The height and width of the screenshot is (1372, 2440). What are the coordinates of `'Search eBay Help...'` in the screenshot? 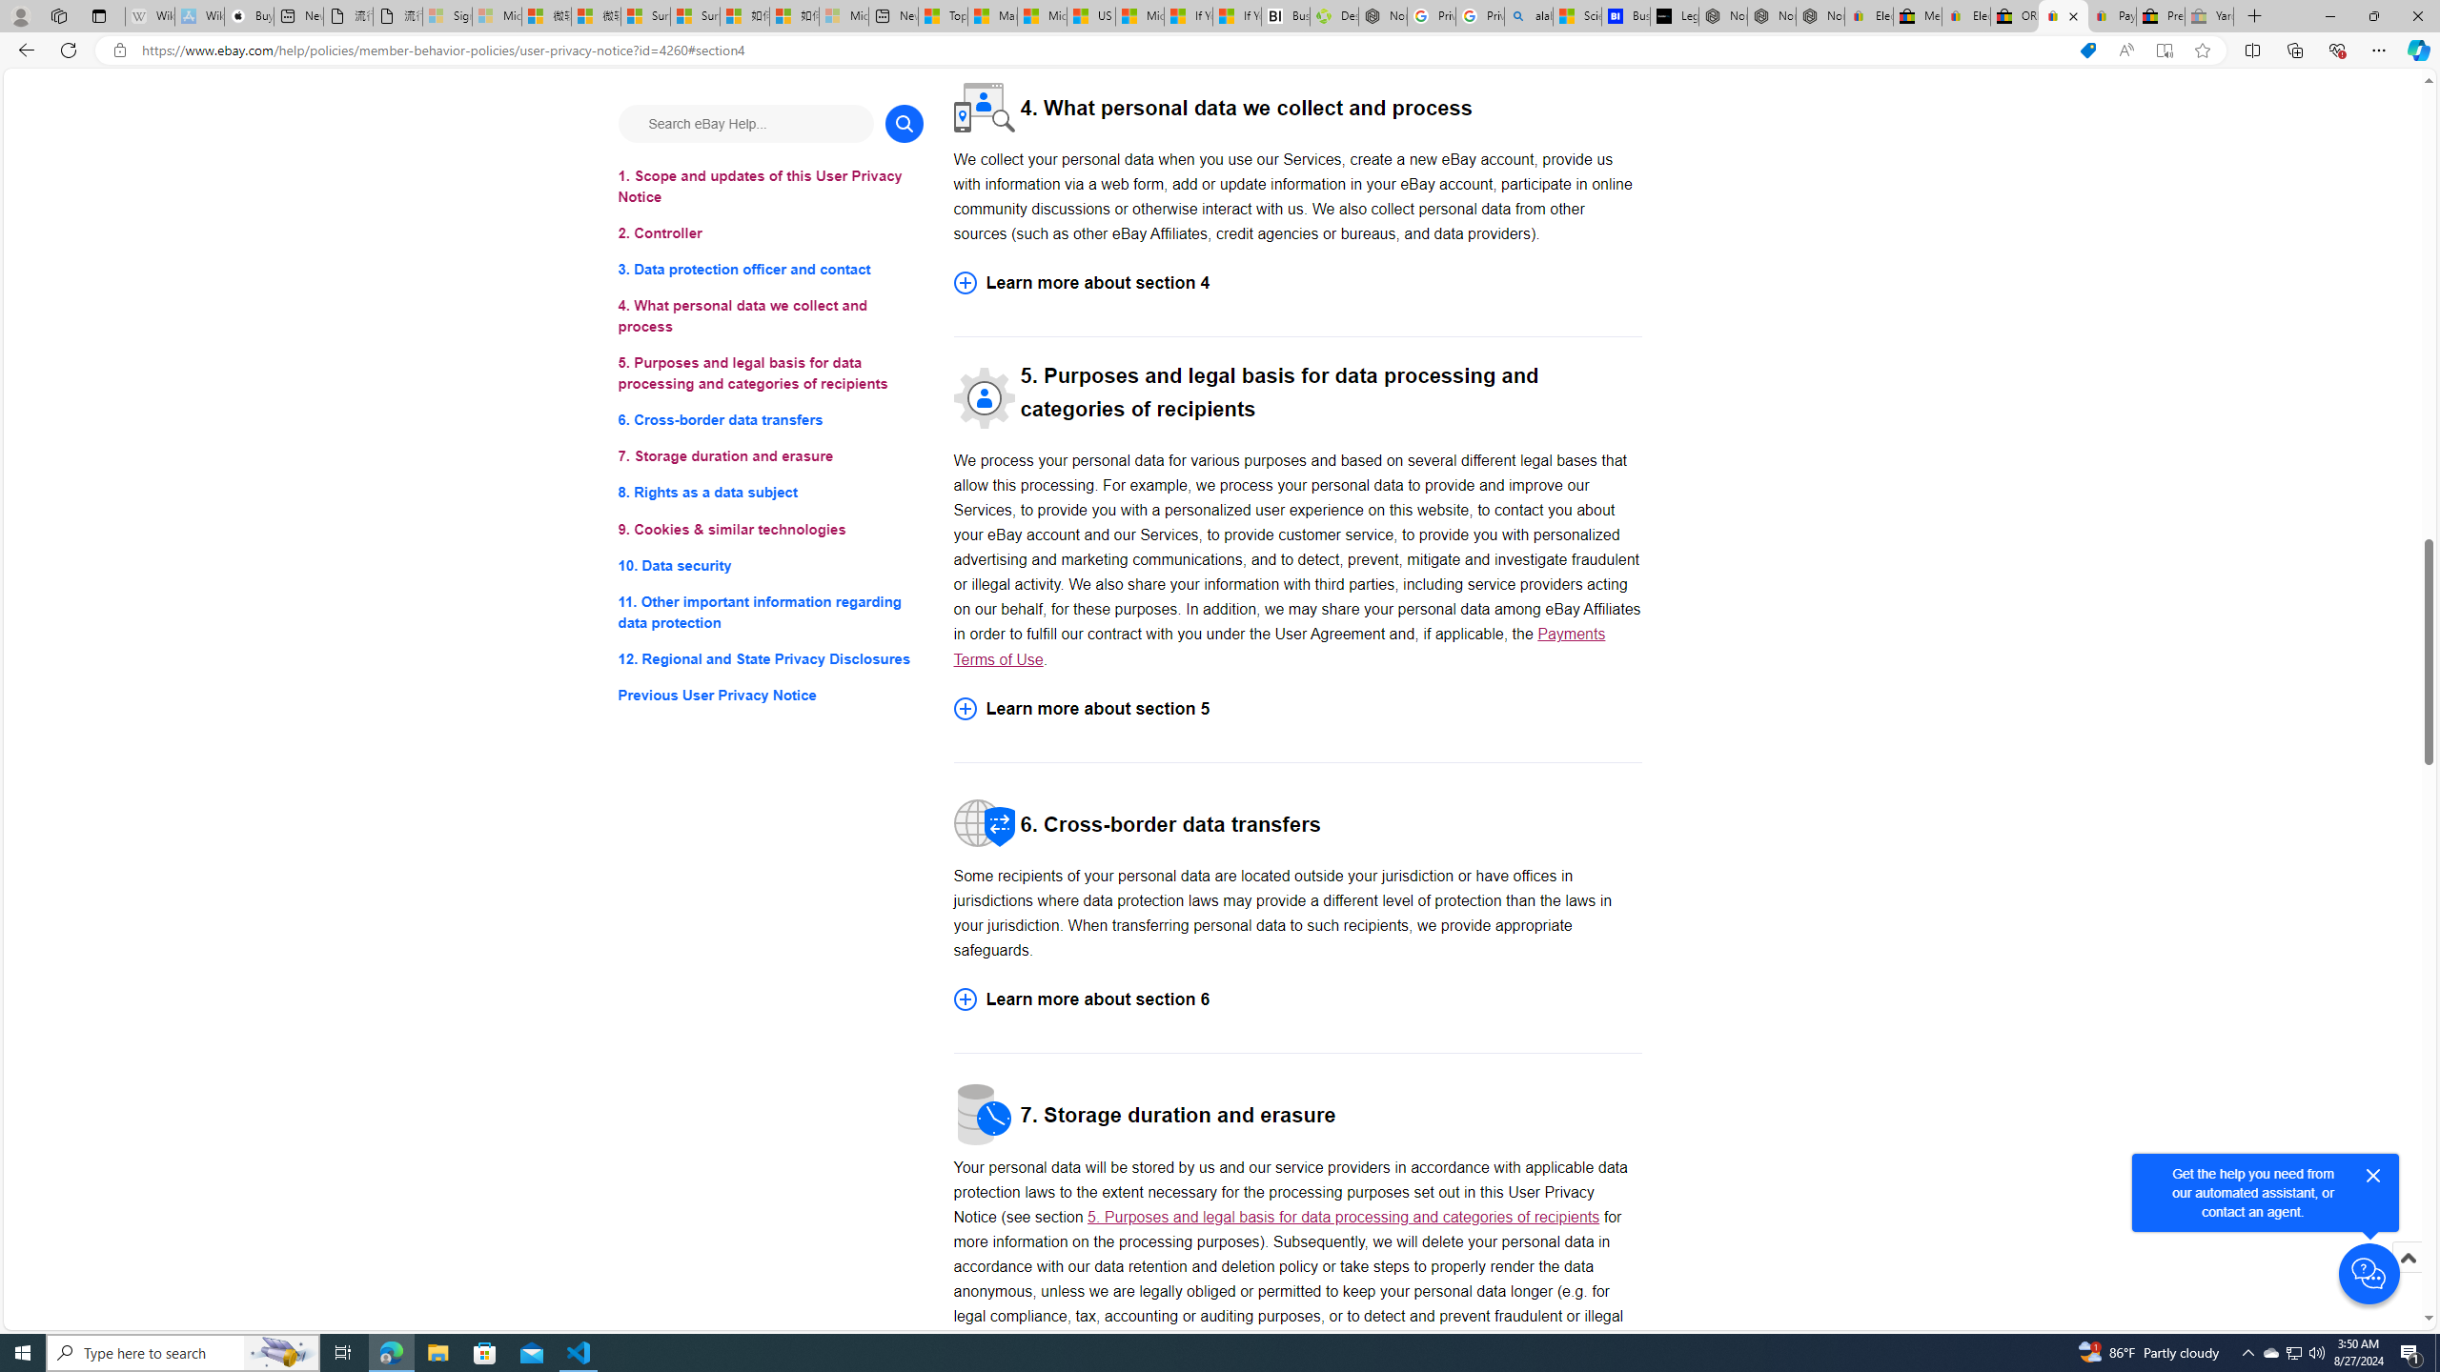 It's located at (745, 123).